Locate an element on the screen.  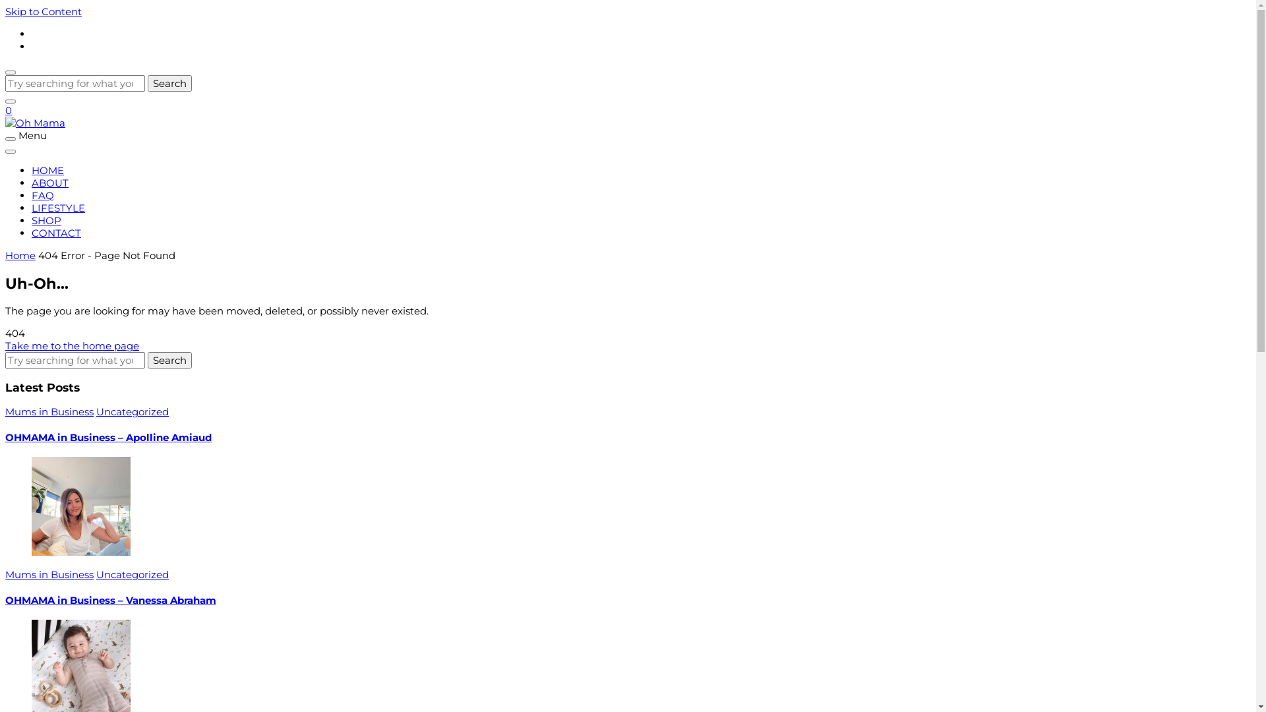
'CONTACT' is located at coordinates (55, 232).